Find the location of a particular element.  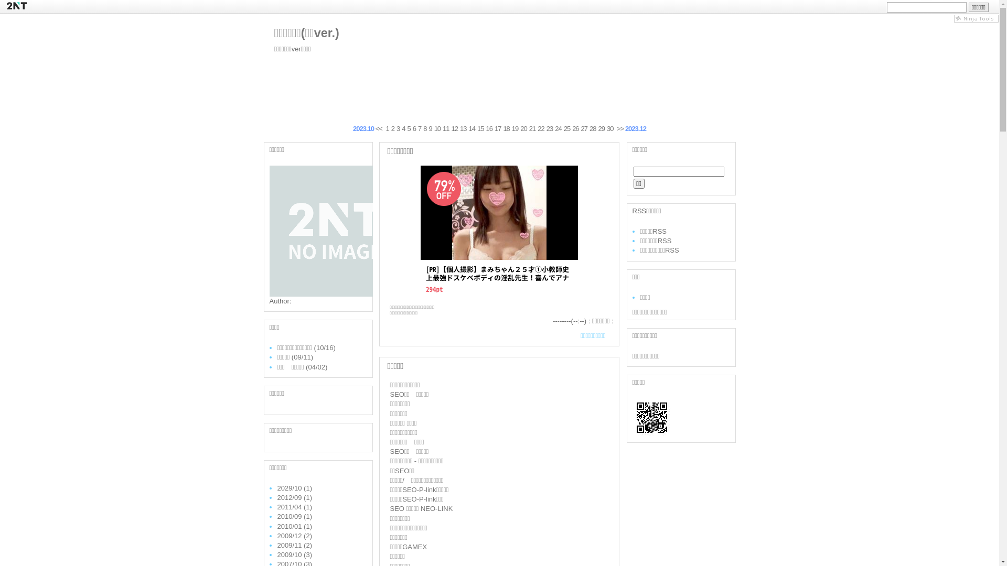

'2023.12' is located at coordinates (635, 128).